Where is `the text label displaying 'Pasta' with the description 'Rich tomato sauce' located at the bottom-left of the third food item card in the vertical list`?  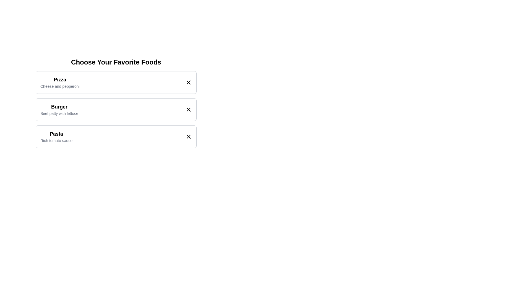 the text label displaying 'Pasta' with the description 'Rich tomato sauce' located at the bottom-left of the third food item card in the vertical list is located at coordinates (56, 136).